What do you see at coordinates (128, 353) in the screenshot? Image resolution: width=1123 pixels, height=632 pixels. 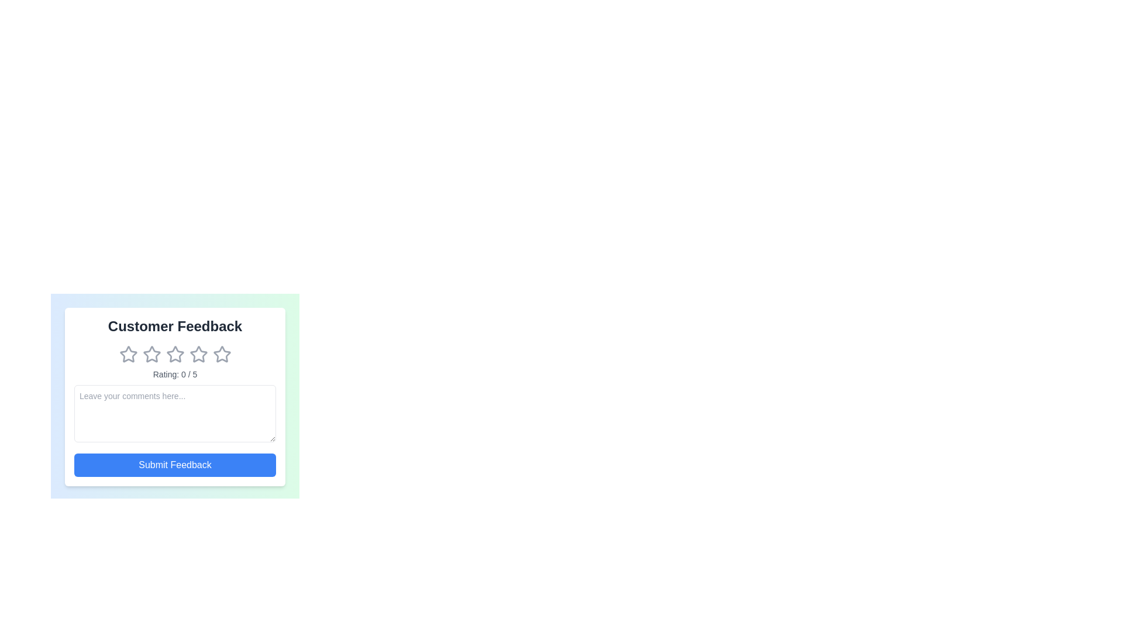 I see `the star corresponding to the 1 rating` at bounding box center [128, 353].